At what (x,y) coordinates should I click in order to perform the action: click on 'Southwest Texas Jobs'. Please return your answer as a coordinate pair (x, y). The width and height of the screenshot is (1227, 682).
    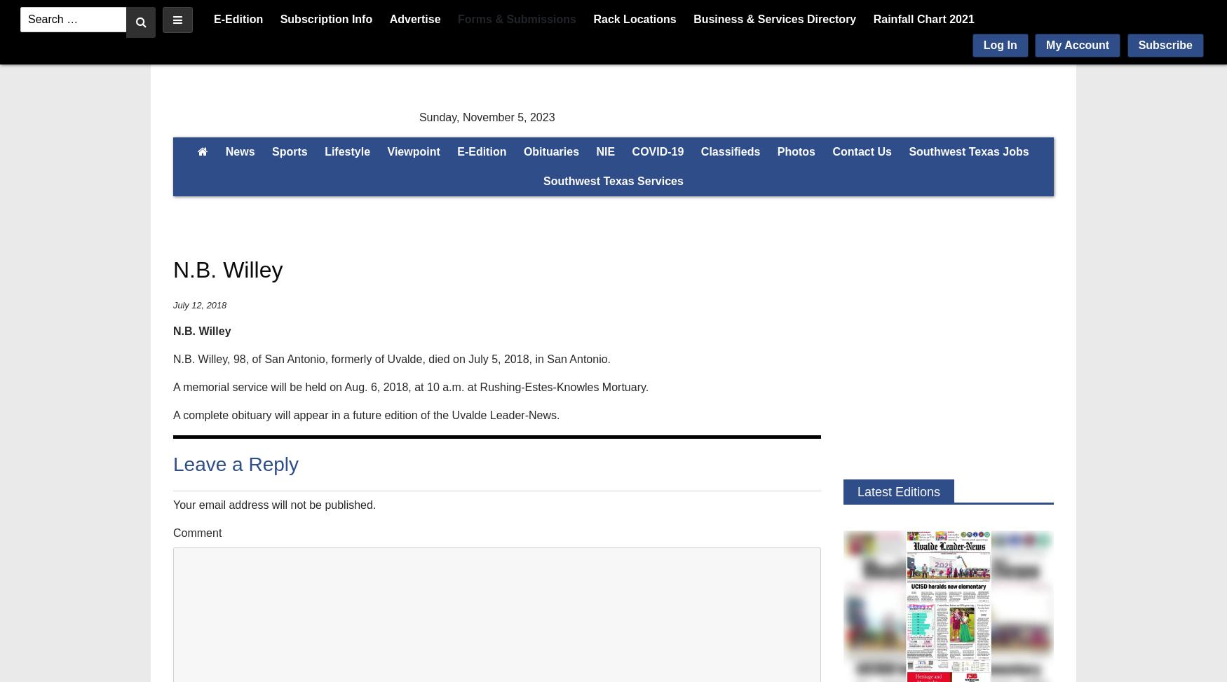
    Looking at the image, I should click on (968, 151).